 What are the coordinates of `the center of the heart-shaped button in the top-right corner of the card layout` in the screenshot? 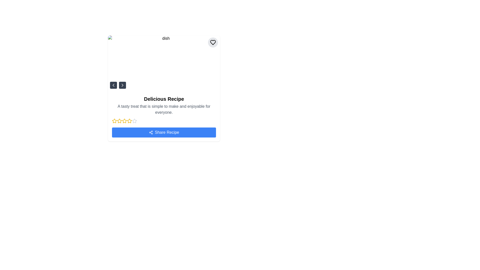 It's located at (213, 42).